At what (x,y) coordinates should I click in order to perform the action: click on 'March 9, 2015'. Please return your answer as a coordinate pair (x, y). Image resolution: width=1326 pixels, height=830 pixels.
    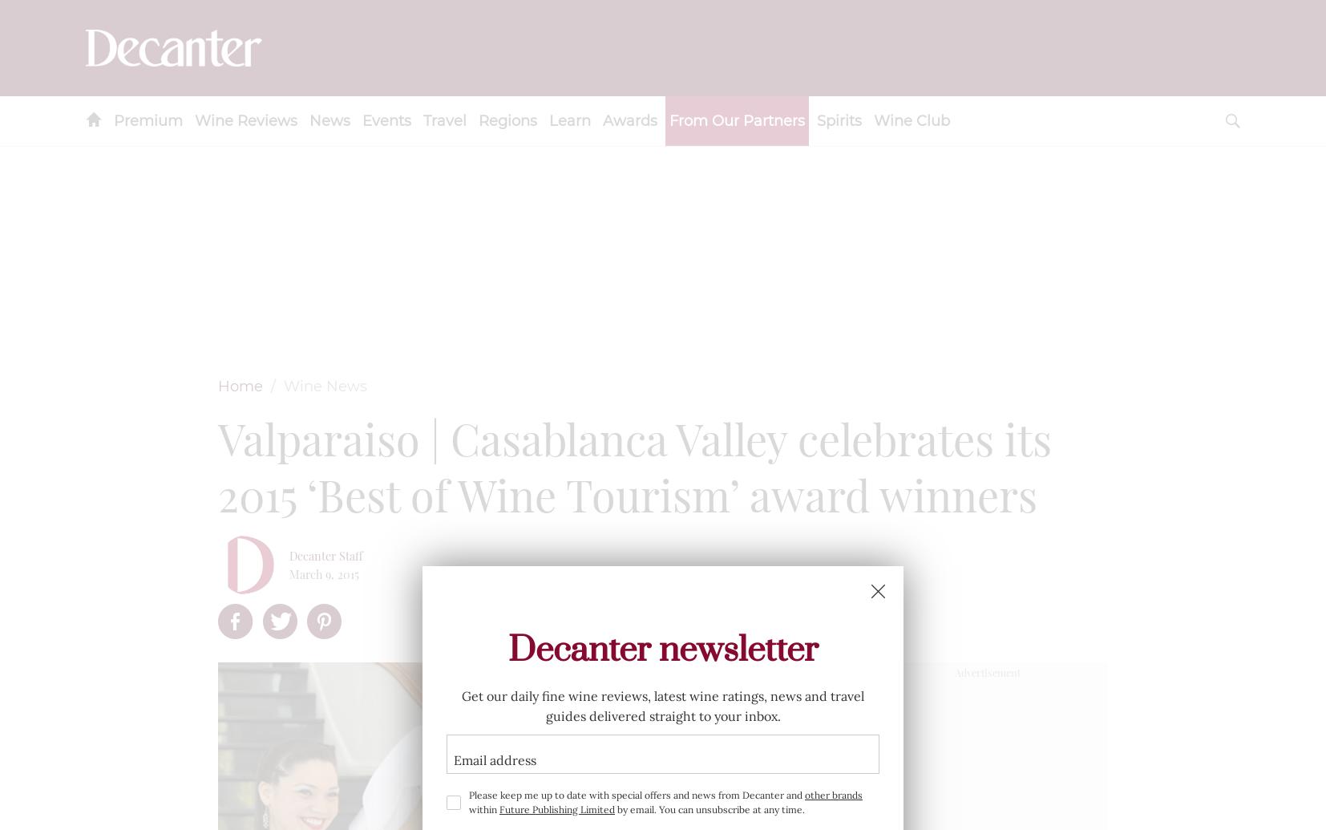
    Looking at the image, I should click on (289, 572).